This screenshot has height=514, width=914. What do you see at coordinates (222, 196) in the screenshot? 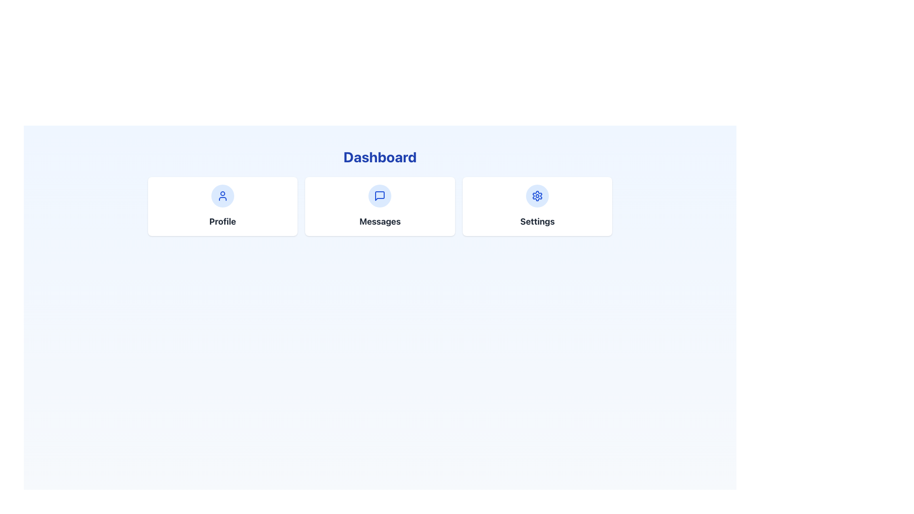
I see `the profile icon located at the center of the 'Profile' card, which is positioned on the left among three horizontally arranged cards` at bounding box center [222, 196].